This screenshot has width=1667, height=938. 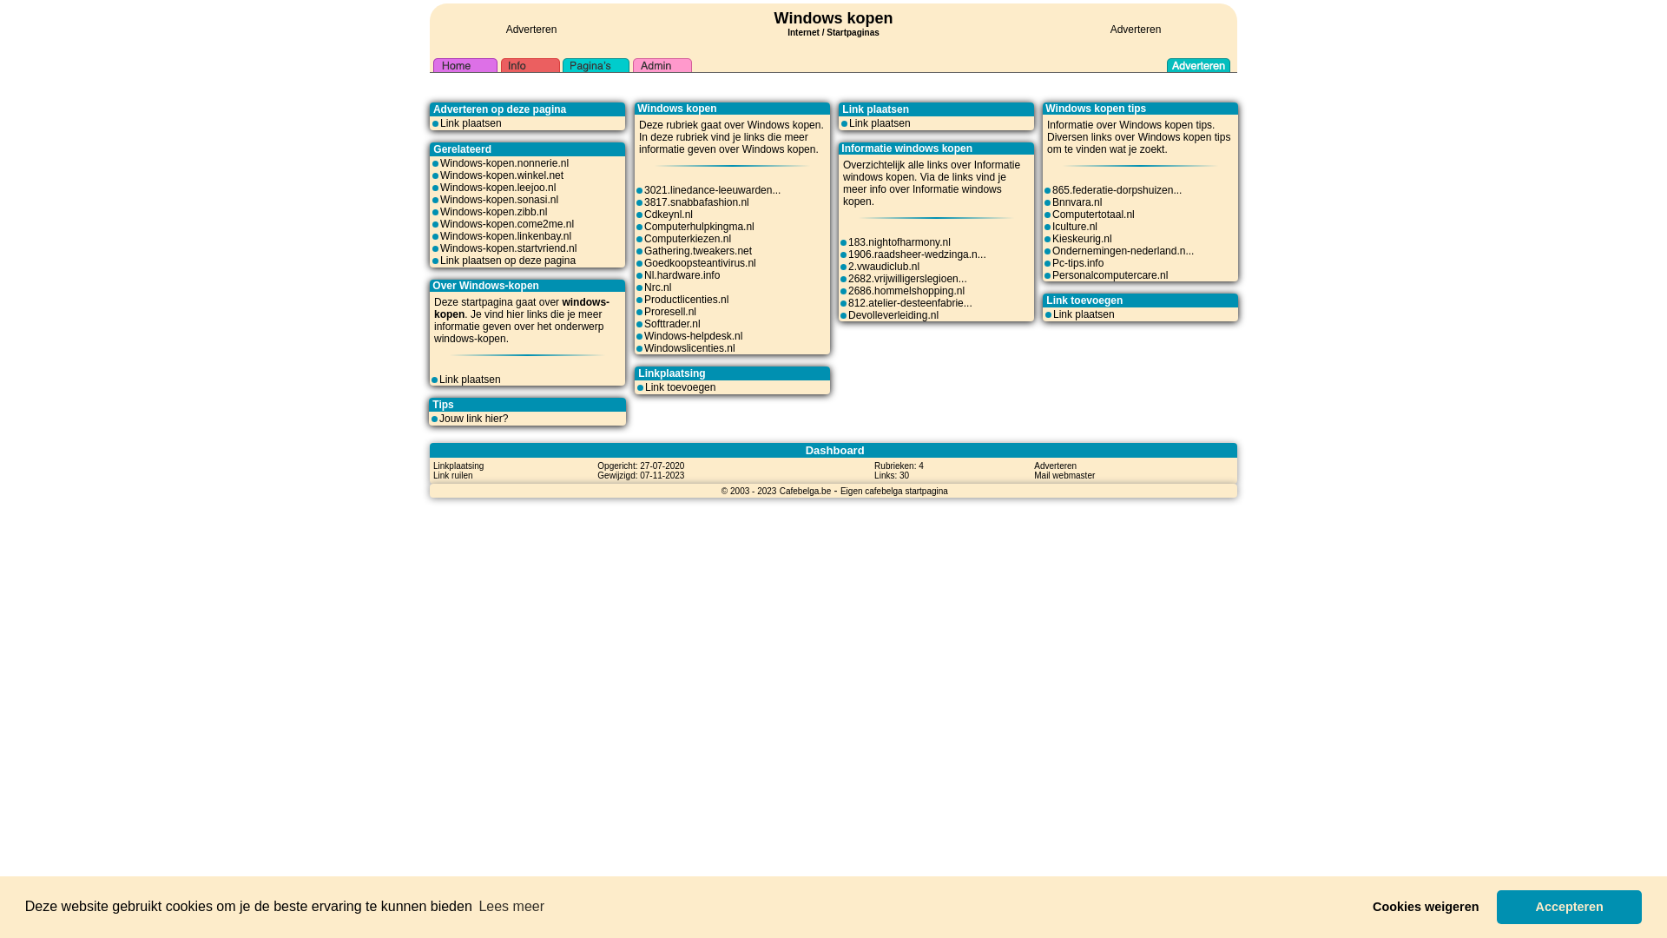 What do you see at coordinates (1361, 906) in the screenshot?
I see `'Cookies weigeren'` at bounding box center [1361, 906].